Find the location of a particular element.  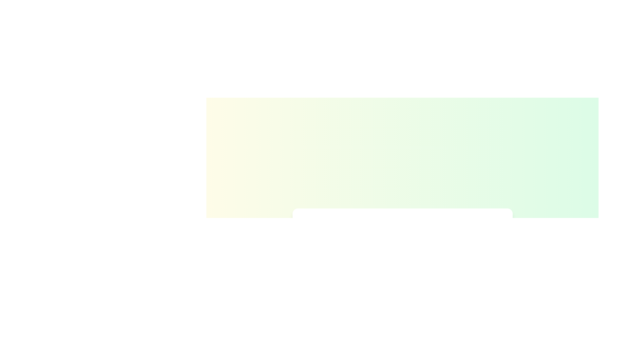

the Value label of the slider control displaying the number '4' is located at coordinates (453, 239).